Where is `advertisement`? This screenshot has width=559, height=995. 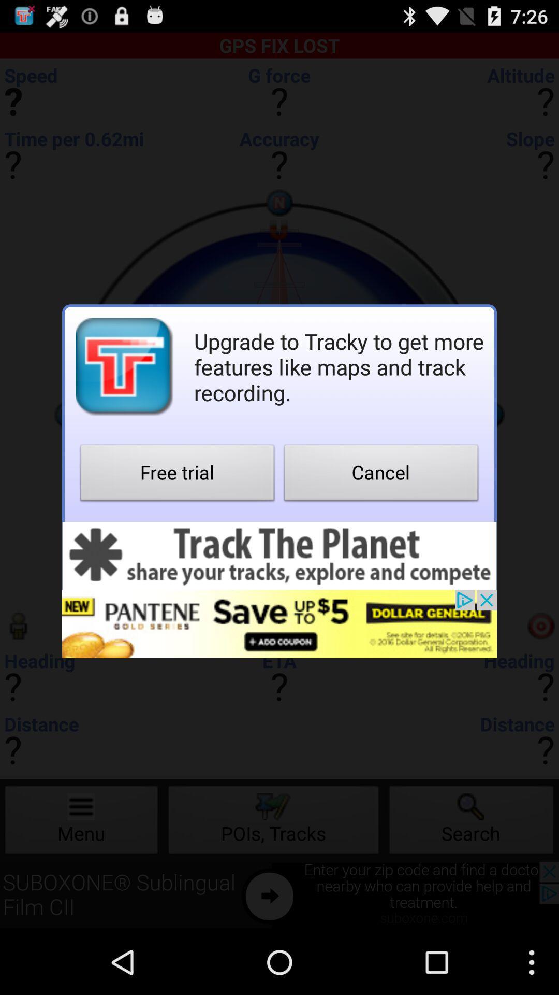 advertisement is located at coordinates (279, 555).